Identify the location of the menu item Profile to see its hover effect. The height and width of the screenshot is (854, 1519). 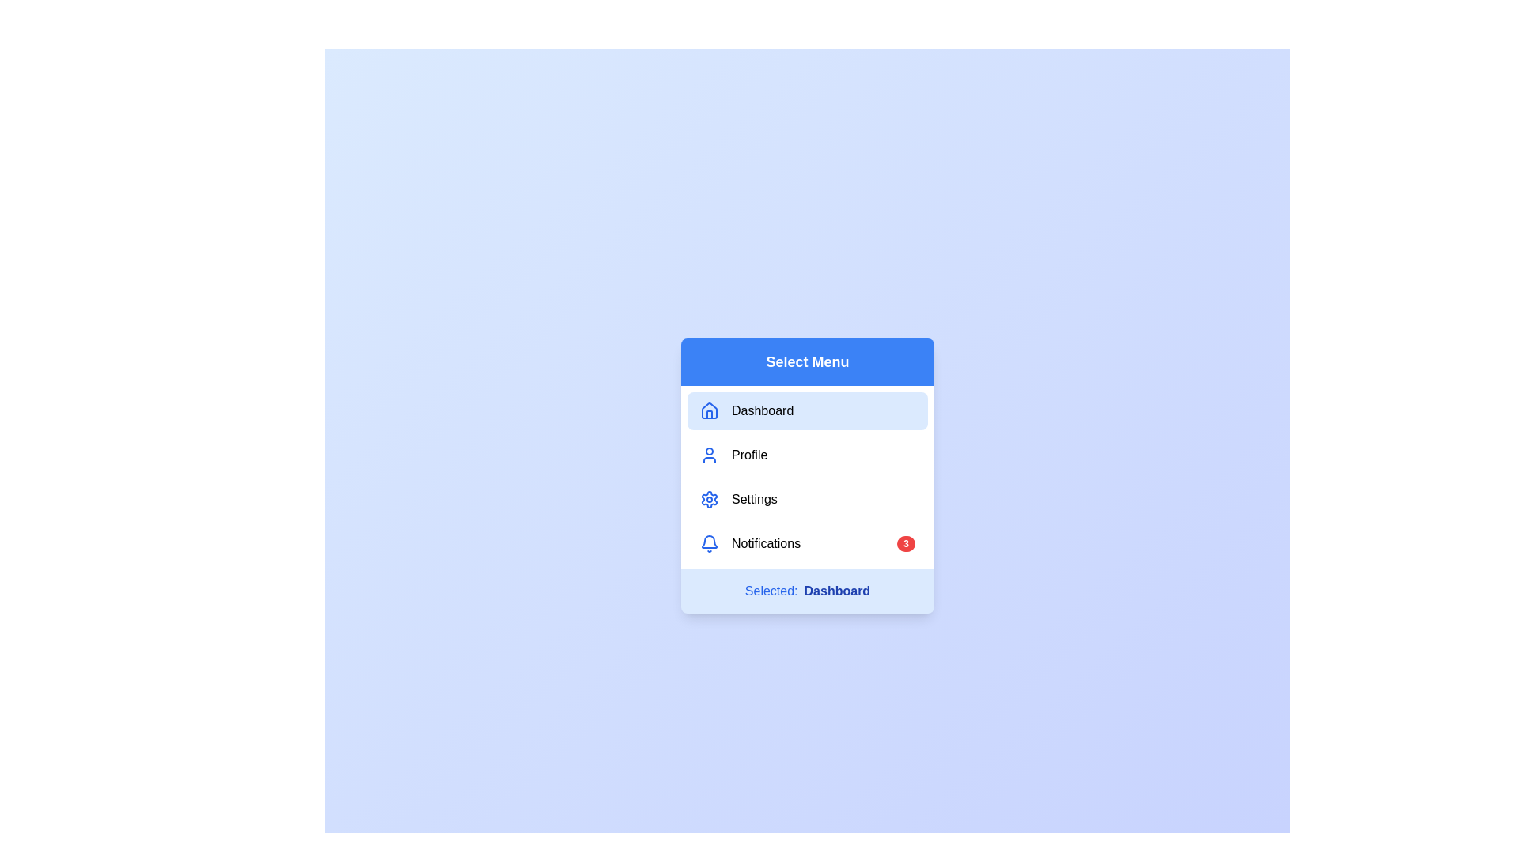
(808, 455).